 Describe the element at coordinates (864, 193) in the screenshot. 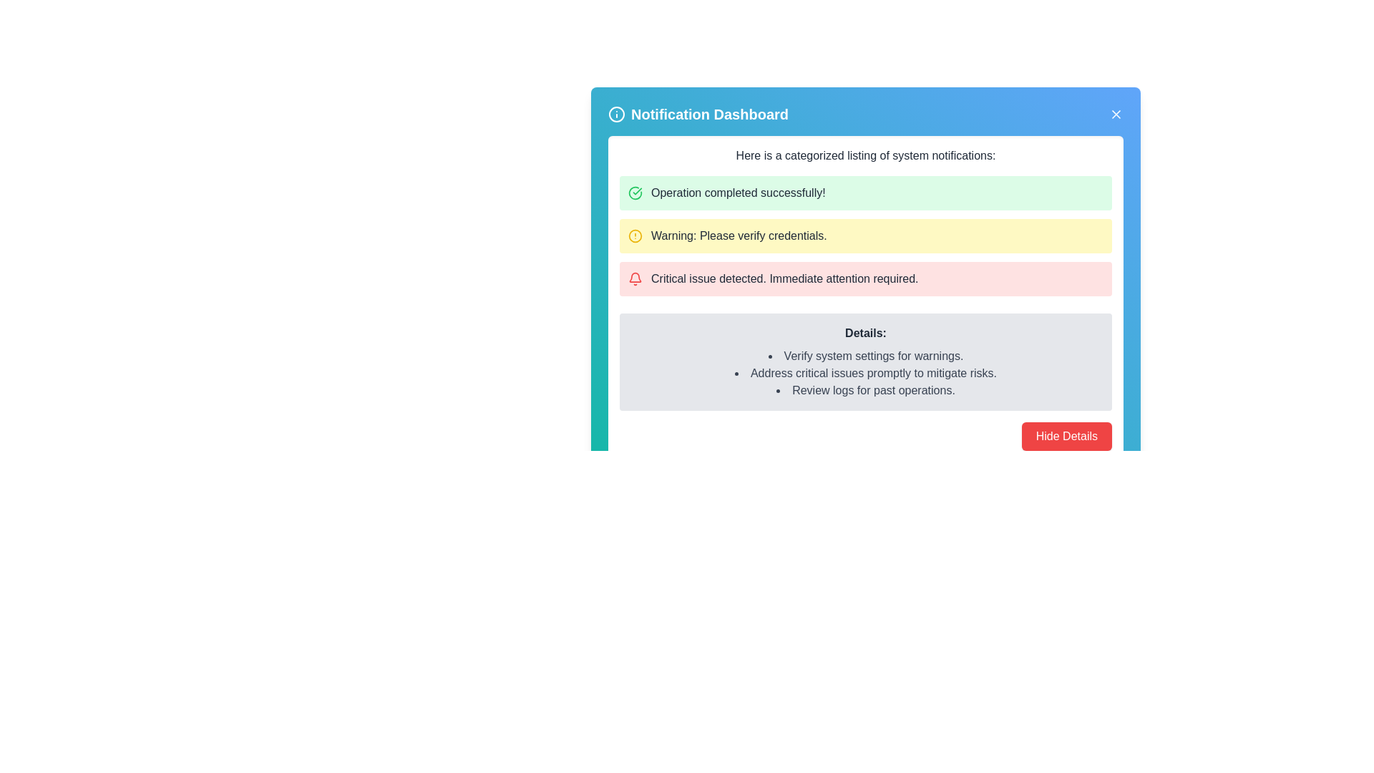

I see `success message displayed in the Notification message box, which is located at the top of the notification stack` at that location.